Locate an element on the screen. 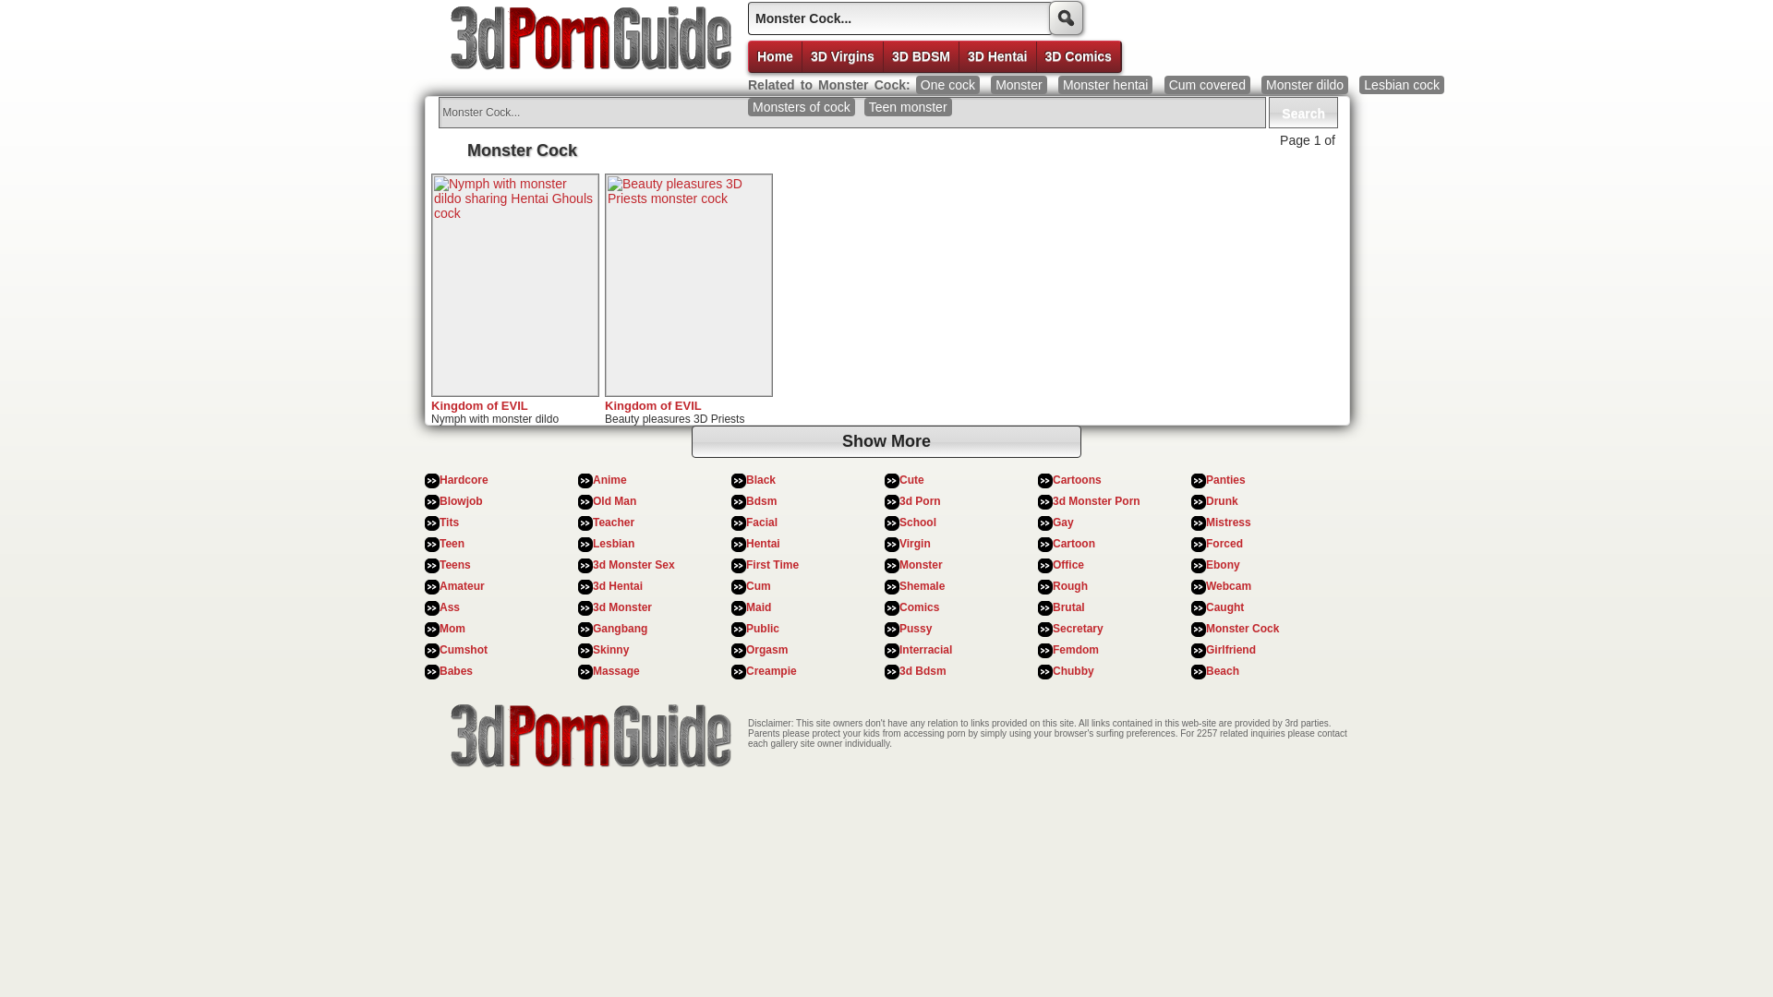 This screenshot has height=997, width=1773. '3D Comics' is located at coordinates (1078, 55).